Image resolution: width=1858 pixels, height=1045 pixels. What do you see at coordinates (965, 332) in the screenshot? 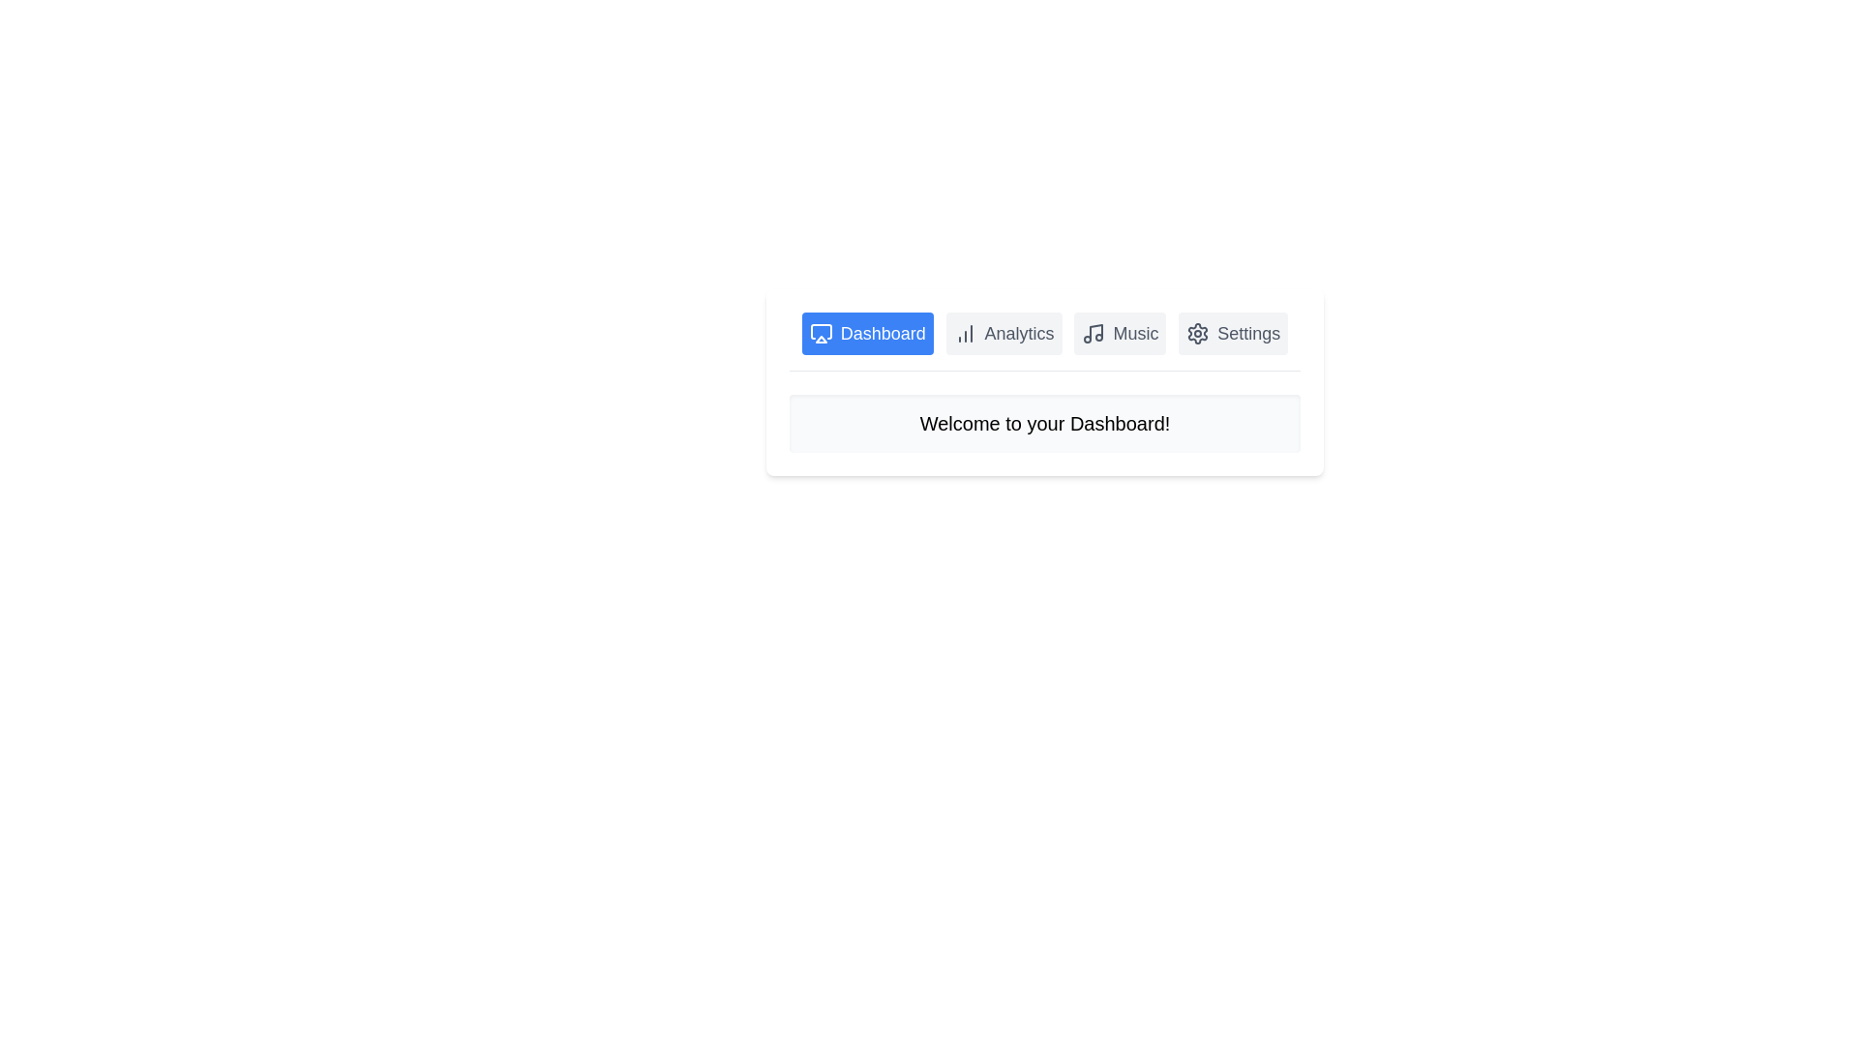
I see `the bar chart icon representing the 'Analytics' navigation option, which is located immediately left of the 'Analytics' text label in the upper center portion of the interface` at bounding box center [965, 332].